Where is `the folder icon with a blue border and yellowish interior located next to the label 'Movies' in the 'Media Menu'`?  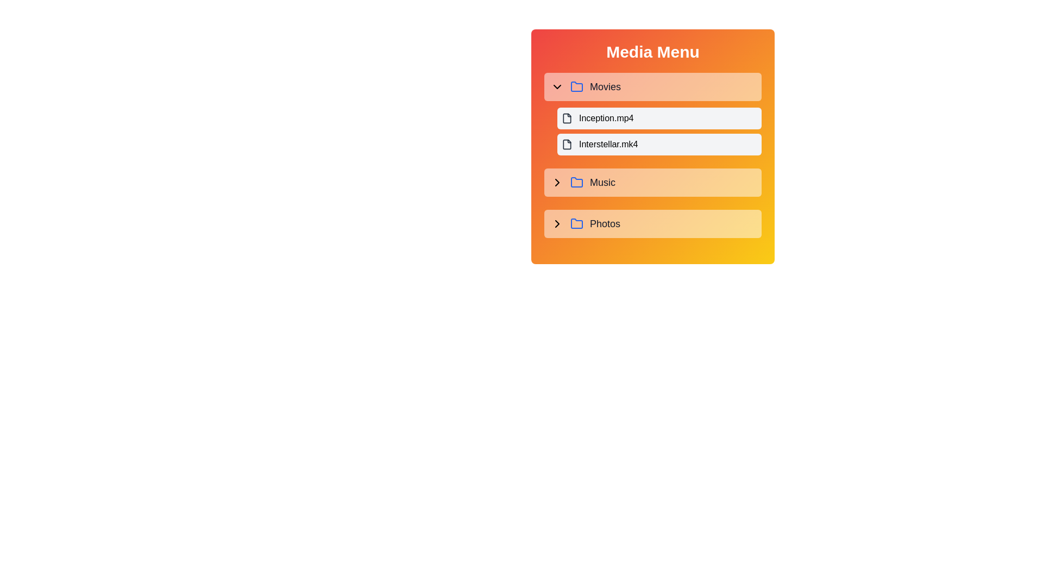
the folder icon with a blue border and yellowish interior located next to the label 'Movies' in the 'Media Menu' is located at coordinates (576, 86).